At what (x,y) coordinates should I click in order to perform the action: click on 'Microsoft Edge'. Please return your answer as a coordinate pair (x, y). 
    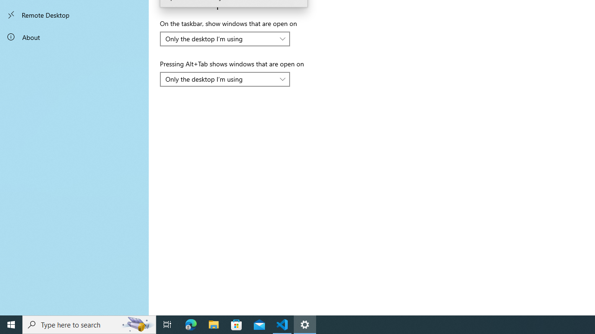
    Looking at the image, I should click on (191, 324).